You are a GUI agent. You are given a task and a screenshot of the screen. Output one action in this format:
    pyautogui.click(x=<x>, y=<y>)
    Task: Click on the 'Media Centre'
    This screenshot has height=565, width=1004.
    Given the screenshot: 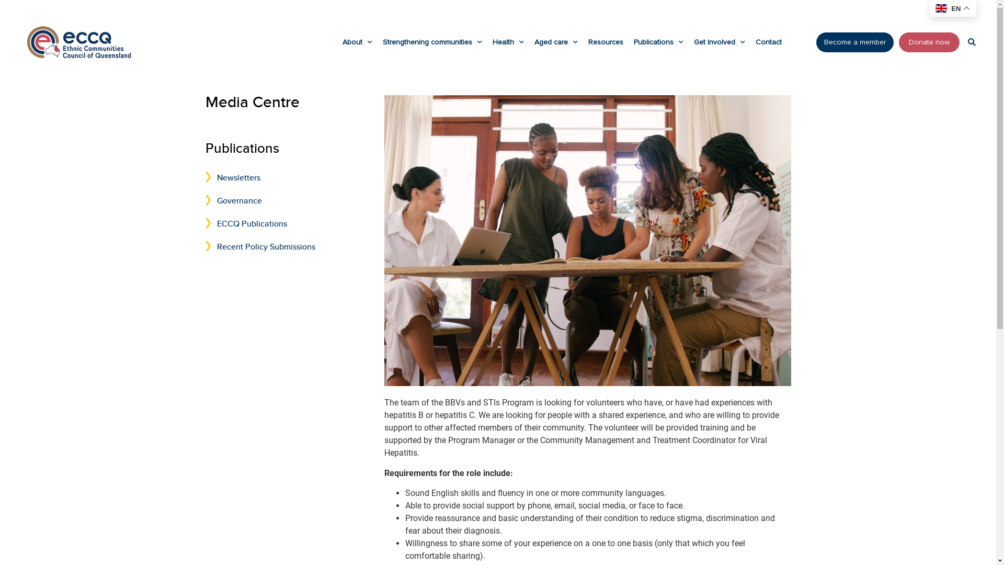 What is the action you would take?
    pyautogui.click(x=252, y=103)
    